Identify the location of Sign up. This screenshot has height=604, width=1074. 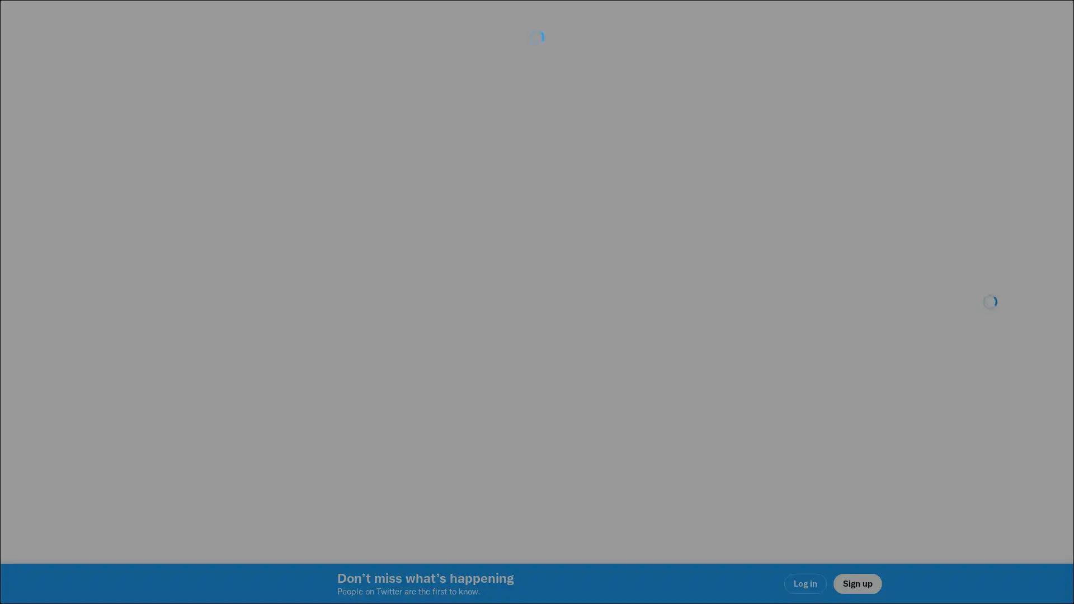
(404, 381).